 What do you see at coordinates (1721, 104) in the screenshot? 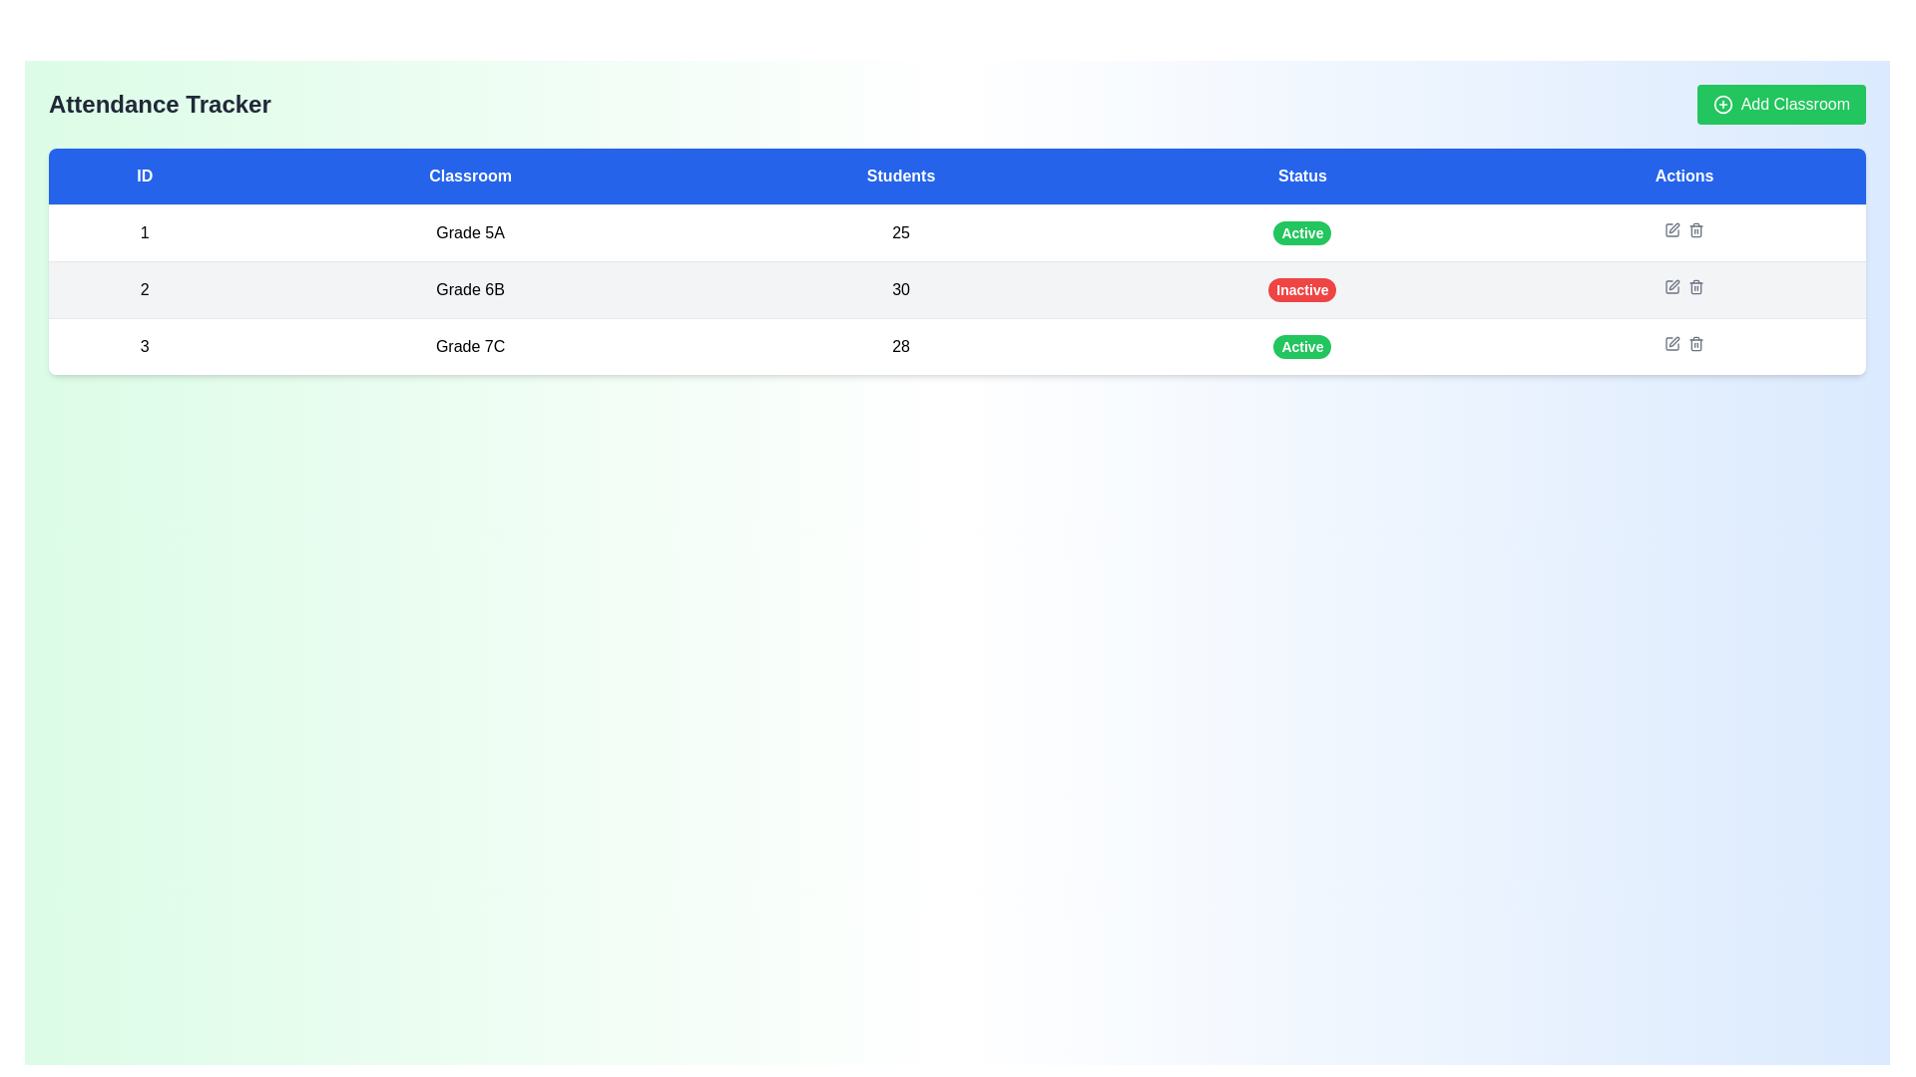
I see `the circular icon with a plus sign in its center, which is located within the 'Add Classroom' button on its left side adjacent to the text label` at bounding box center [1721, 104].